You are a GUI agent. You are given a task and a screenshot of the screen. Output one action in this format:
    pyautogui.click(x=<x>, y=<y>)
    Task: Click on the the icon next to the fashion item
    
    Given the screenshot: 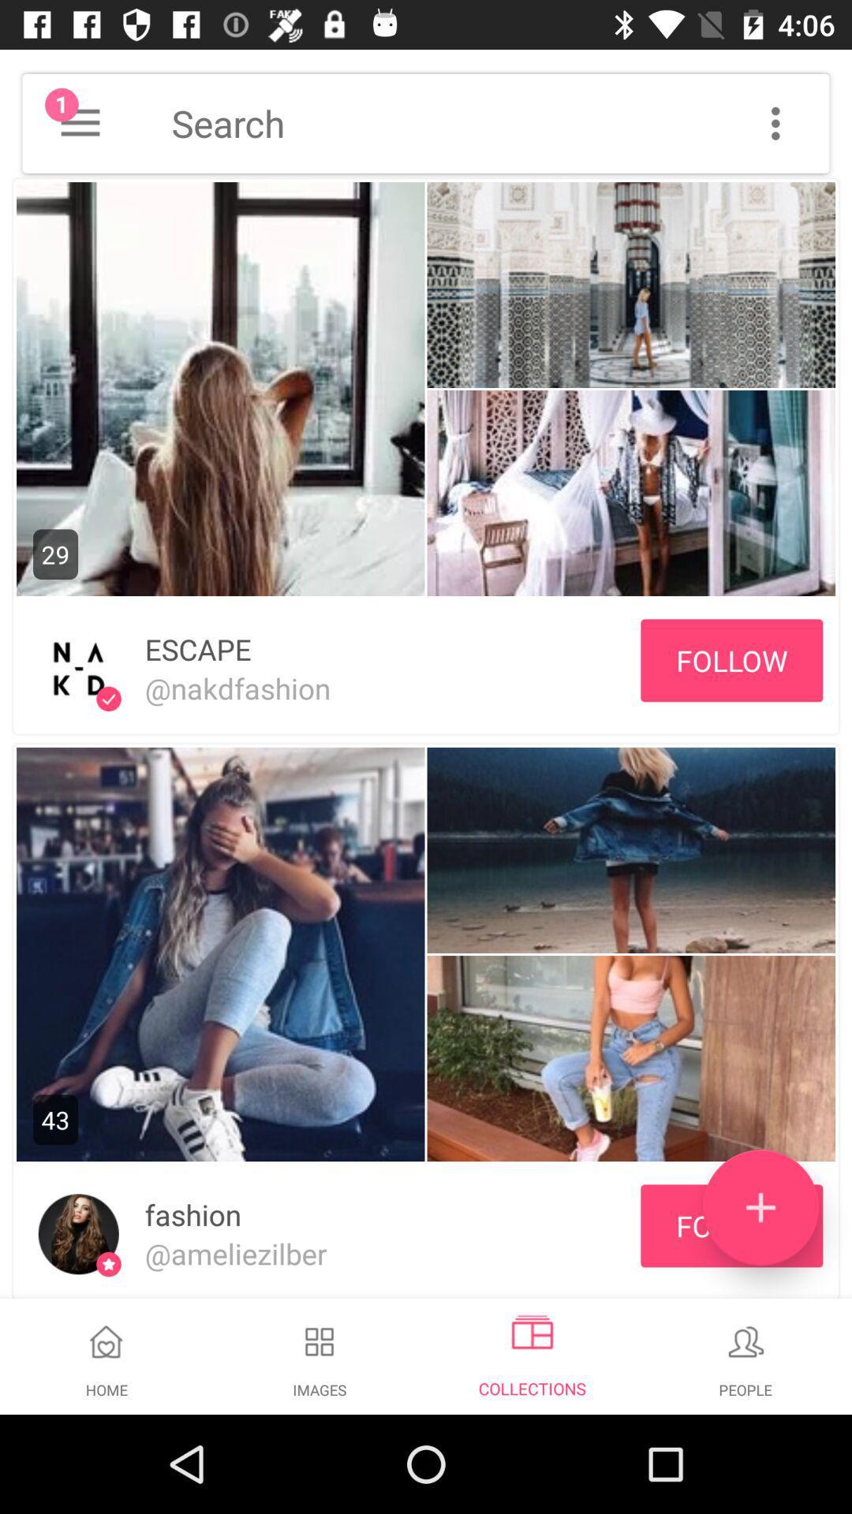 What is the action you would take?
    pyautogui.click(x=760, y=1206)
    